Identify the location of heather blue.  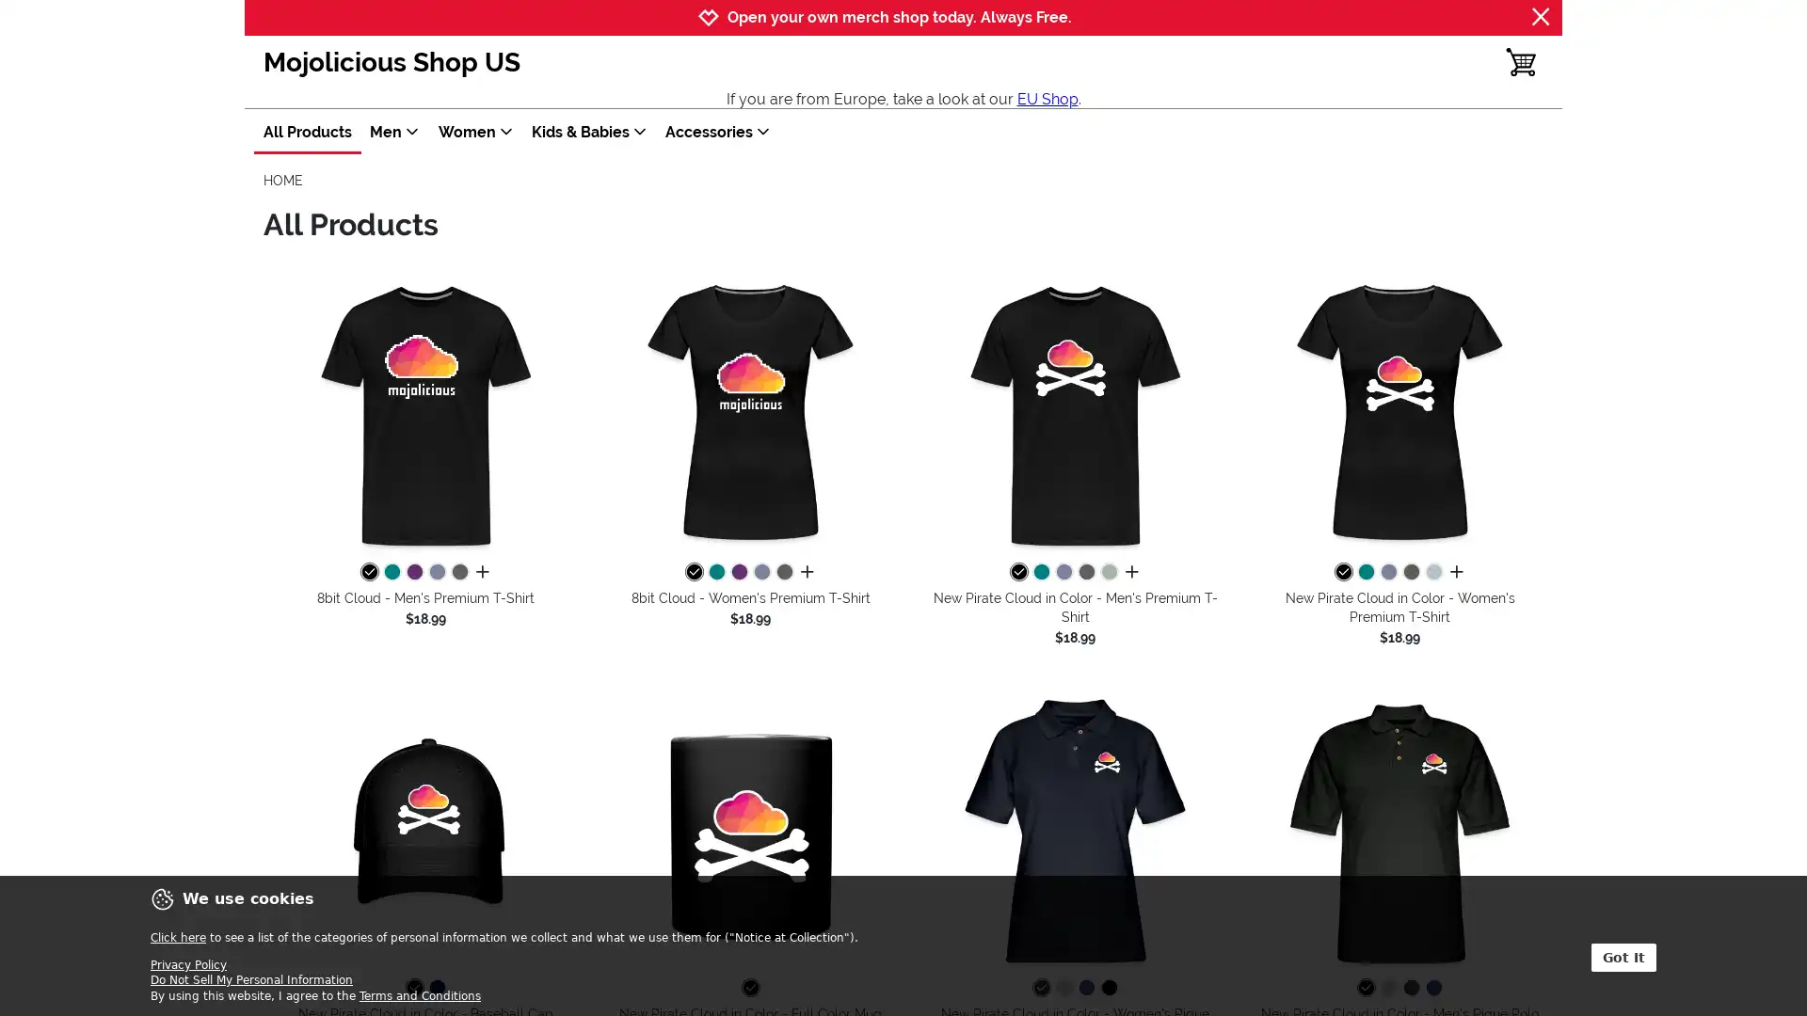
(1063, 572).